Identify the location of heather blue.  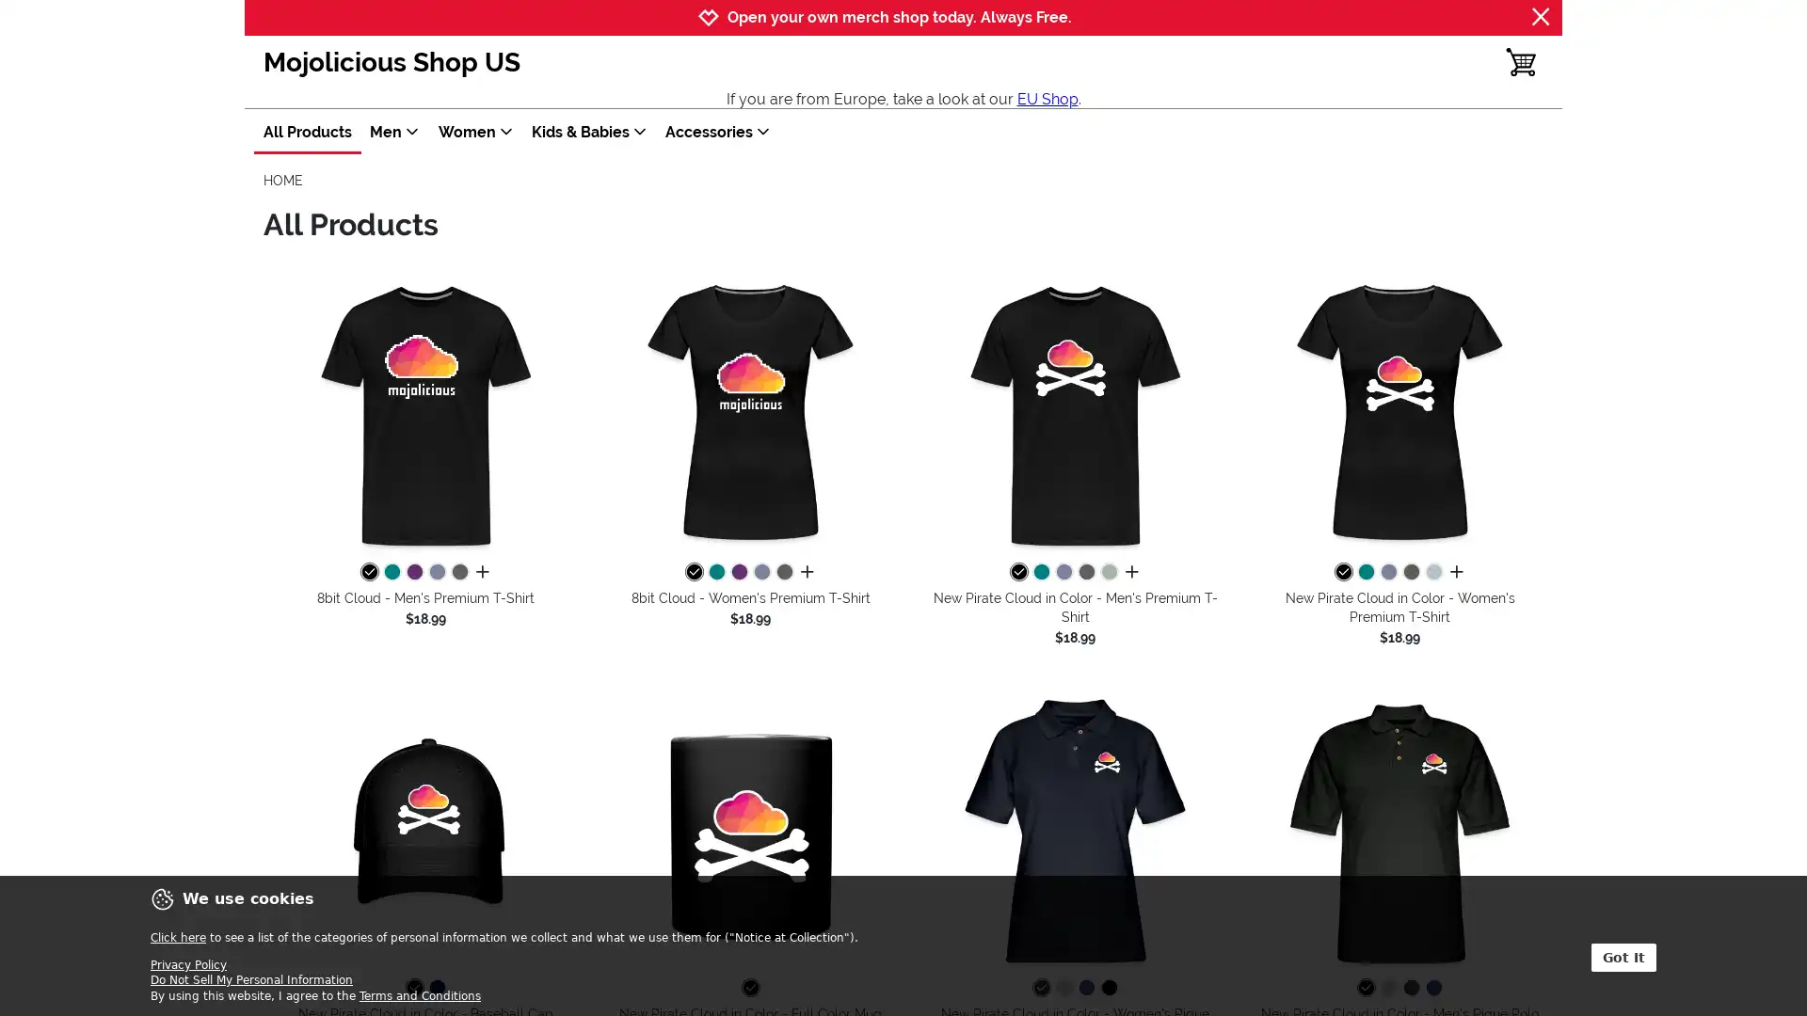
(1063, 572).